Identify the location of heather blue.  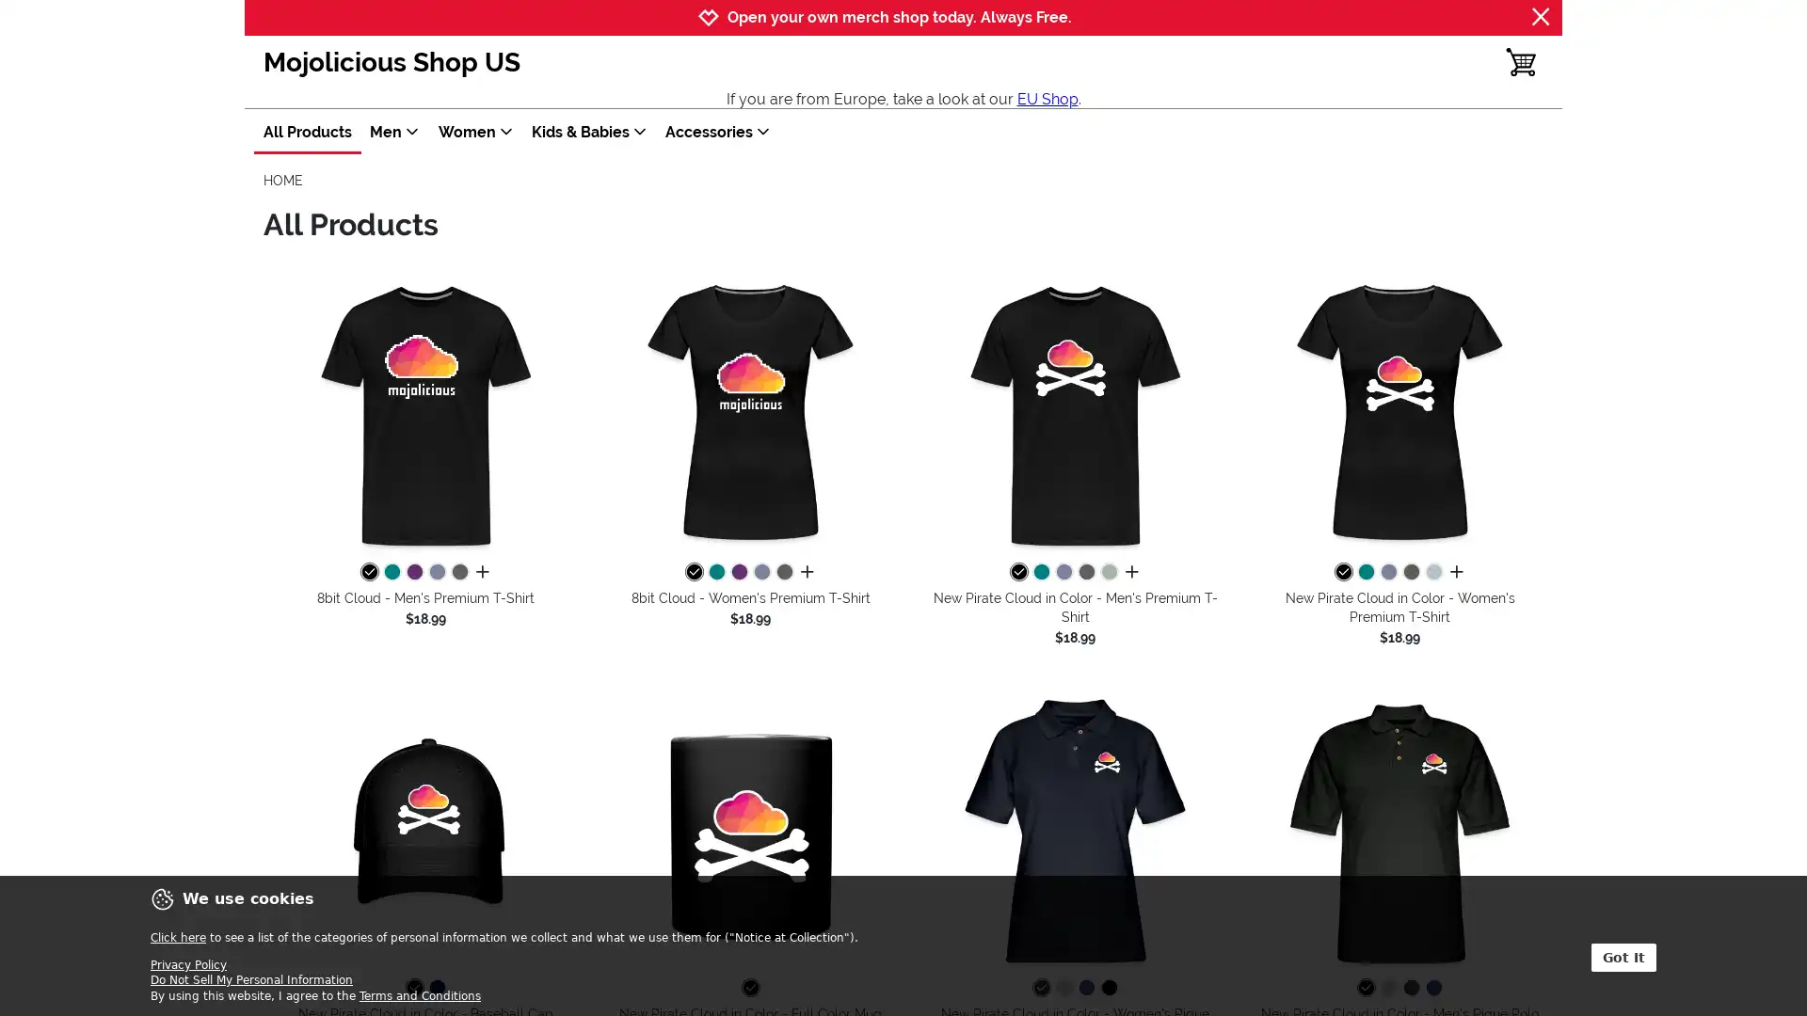
(1063, 572).